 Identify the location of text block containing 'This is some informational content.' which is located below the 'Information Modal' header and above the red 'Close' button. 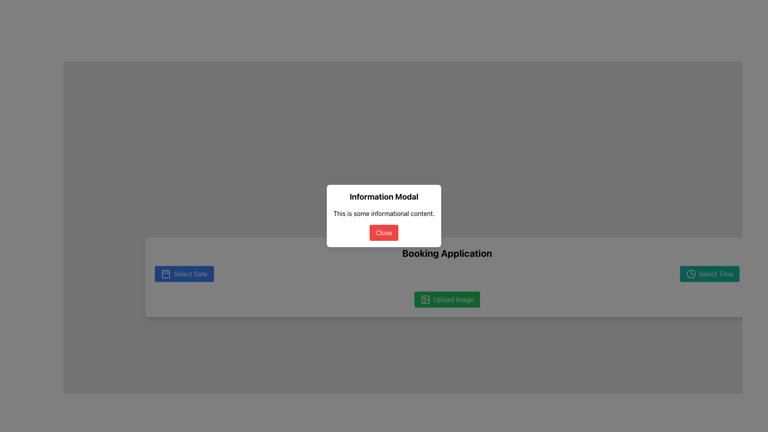
(384, 213).